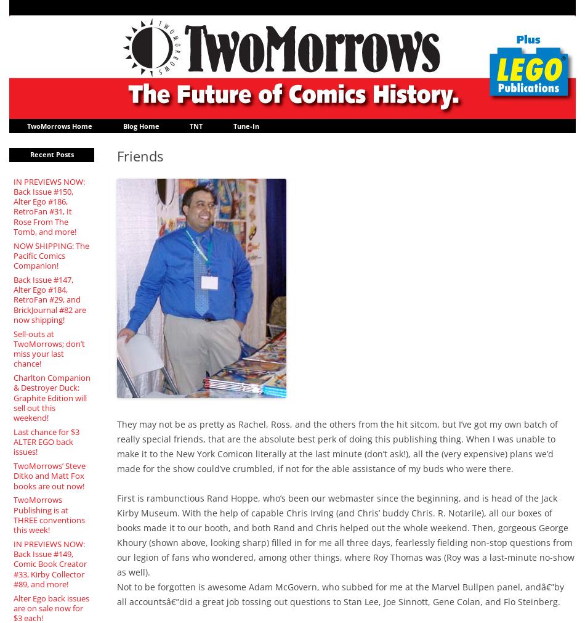  Describe the element at coordinates (49, 563) in the screenshot. I see `'IN PREVIEWS NOW: Back Issue #149, Comic Book Creator #33, Kirby Collector #89, and more!'` at that location.